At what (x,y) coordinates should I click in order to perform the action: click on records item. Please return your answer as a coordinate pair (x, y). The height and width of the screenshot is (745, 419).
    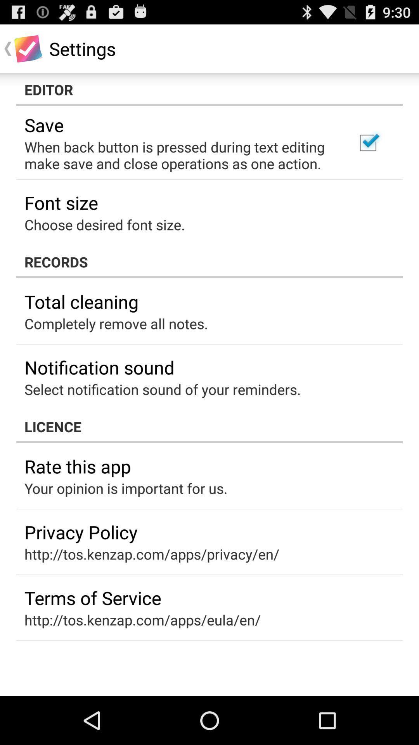
    Looking at the image, I should click on (209, 262).